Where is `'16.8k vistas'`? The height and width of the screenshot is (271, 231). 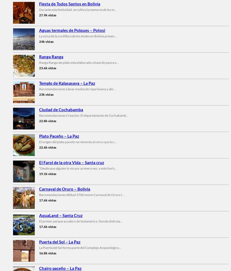 '16.8k vistas' is located at coordinates (47, 253).